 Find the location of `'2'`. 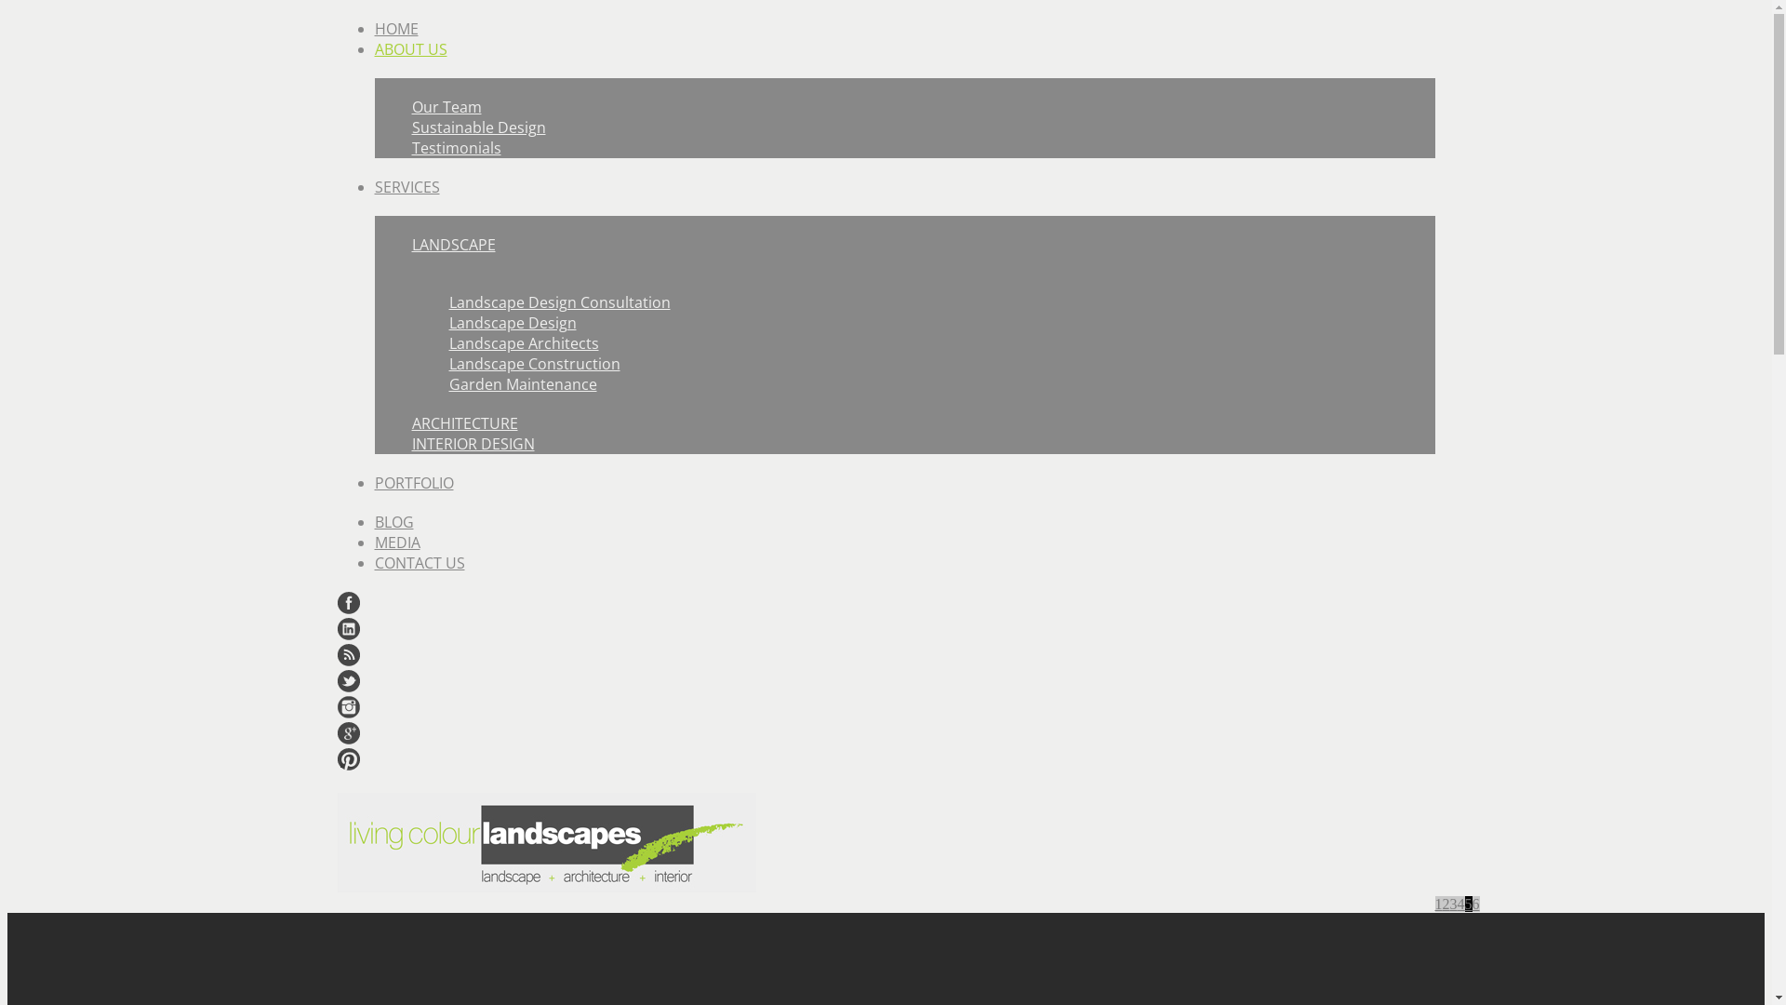

'2' is located at coordinates (1445, 903).